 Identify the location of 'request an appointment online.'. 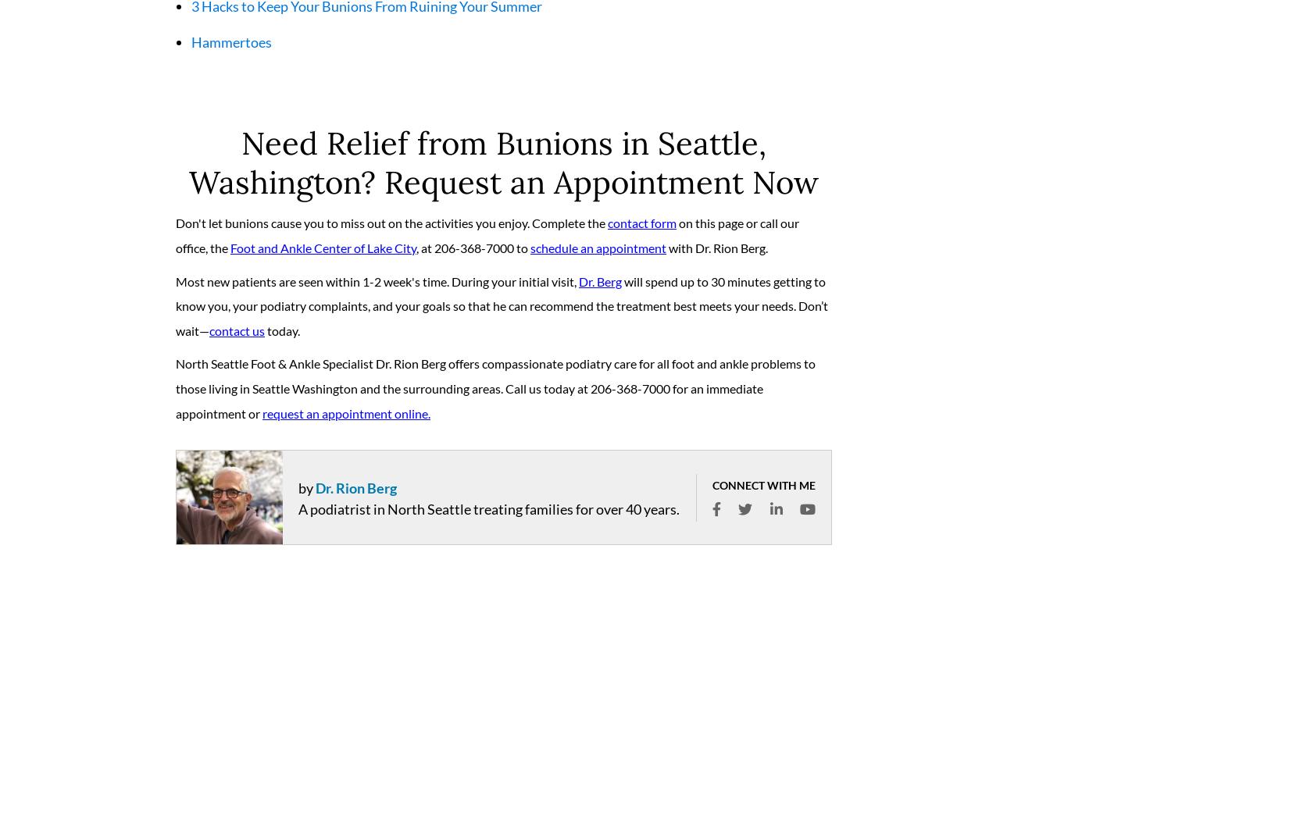
(345, 419).